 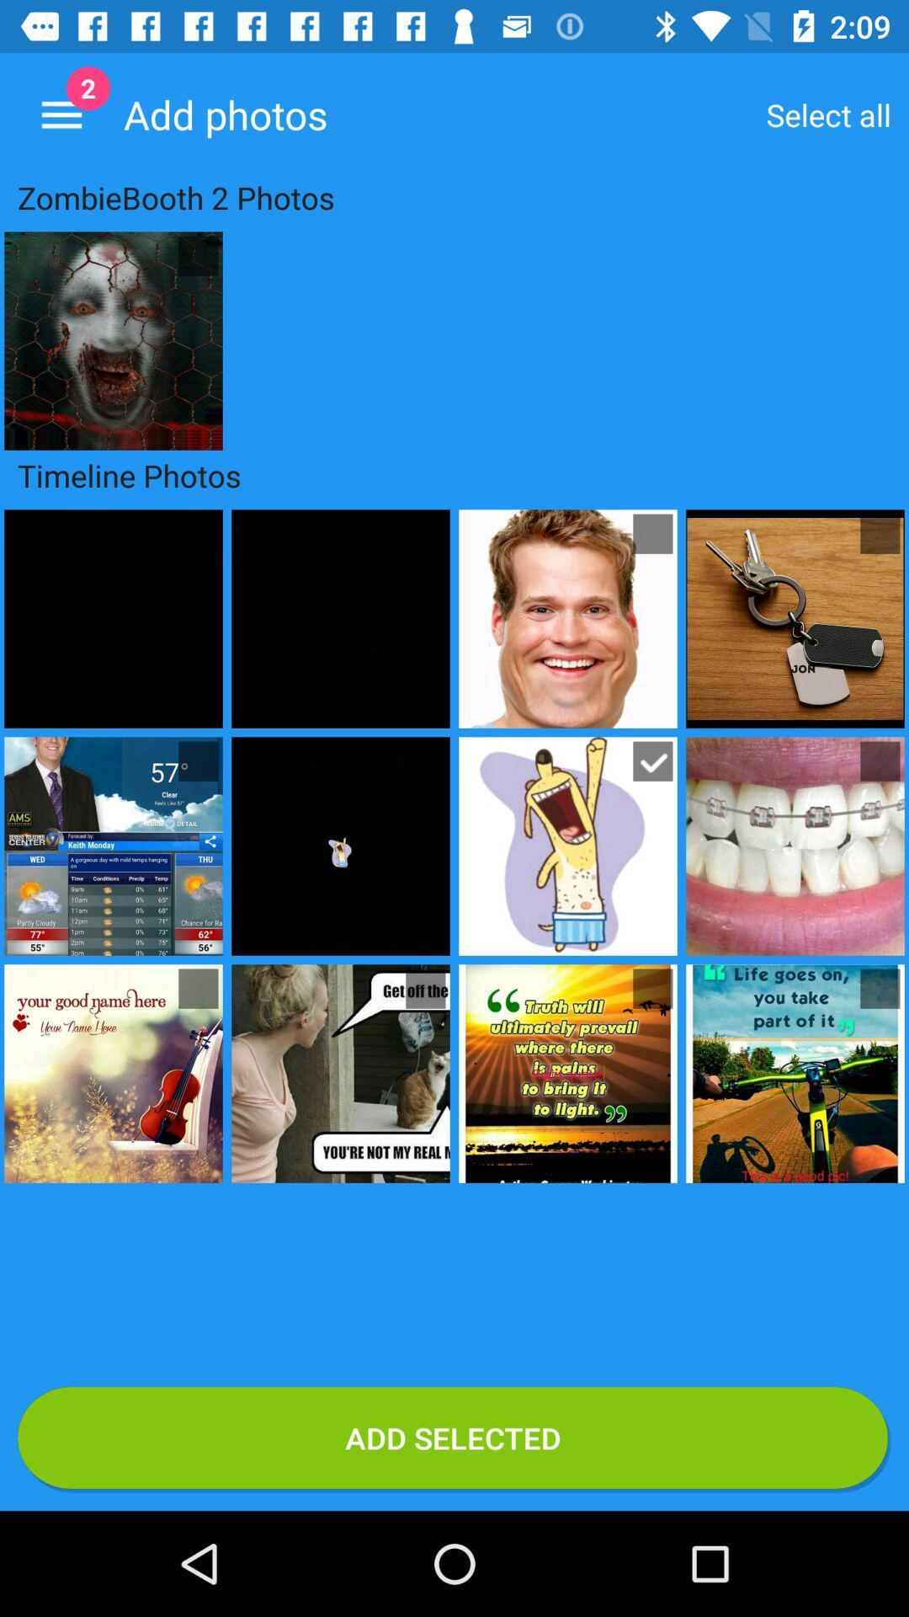 What do you see at coordinates (114, 1073) in the screenshot?
I see `the image from 1st column and 3rd row below text timeline photos` at bounding box center [114, 1073].